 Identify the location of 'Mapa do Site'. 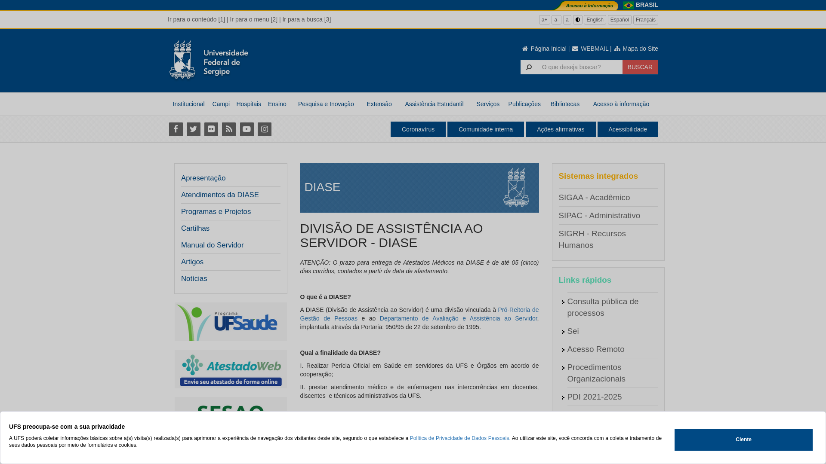
(636, 48).